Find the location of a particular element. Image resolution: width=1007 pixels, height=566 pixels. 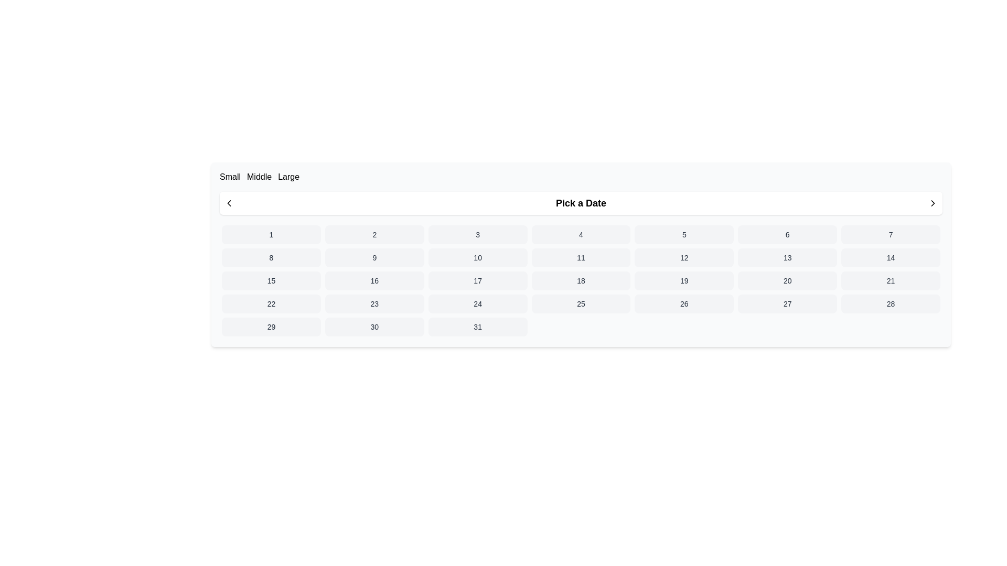

the rectangular button labeled '6' in the calendar layout is located at coordinates (787, 234).